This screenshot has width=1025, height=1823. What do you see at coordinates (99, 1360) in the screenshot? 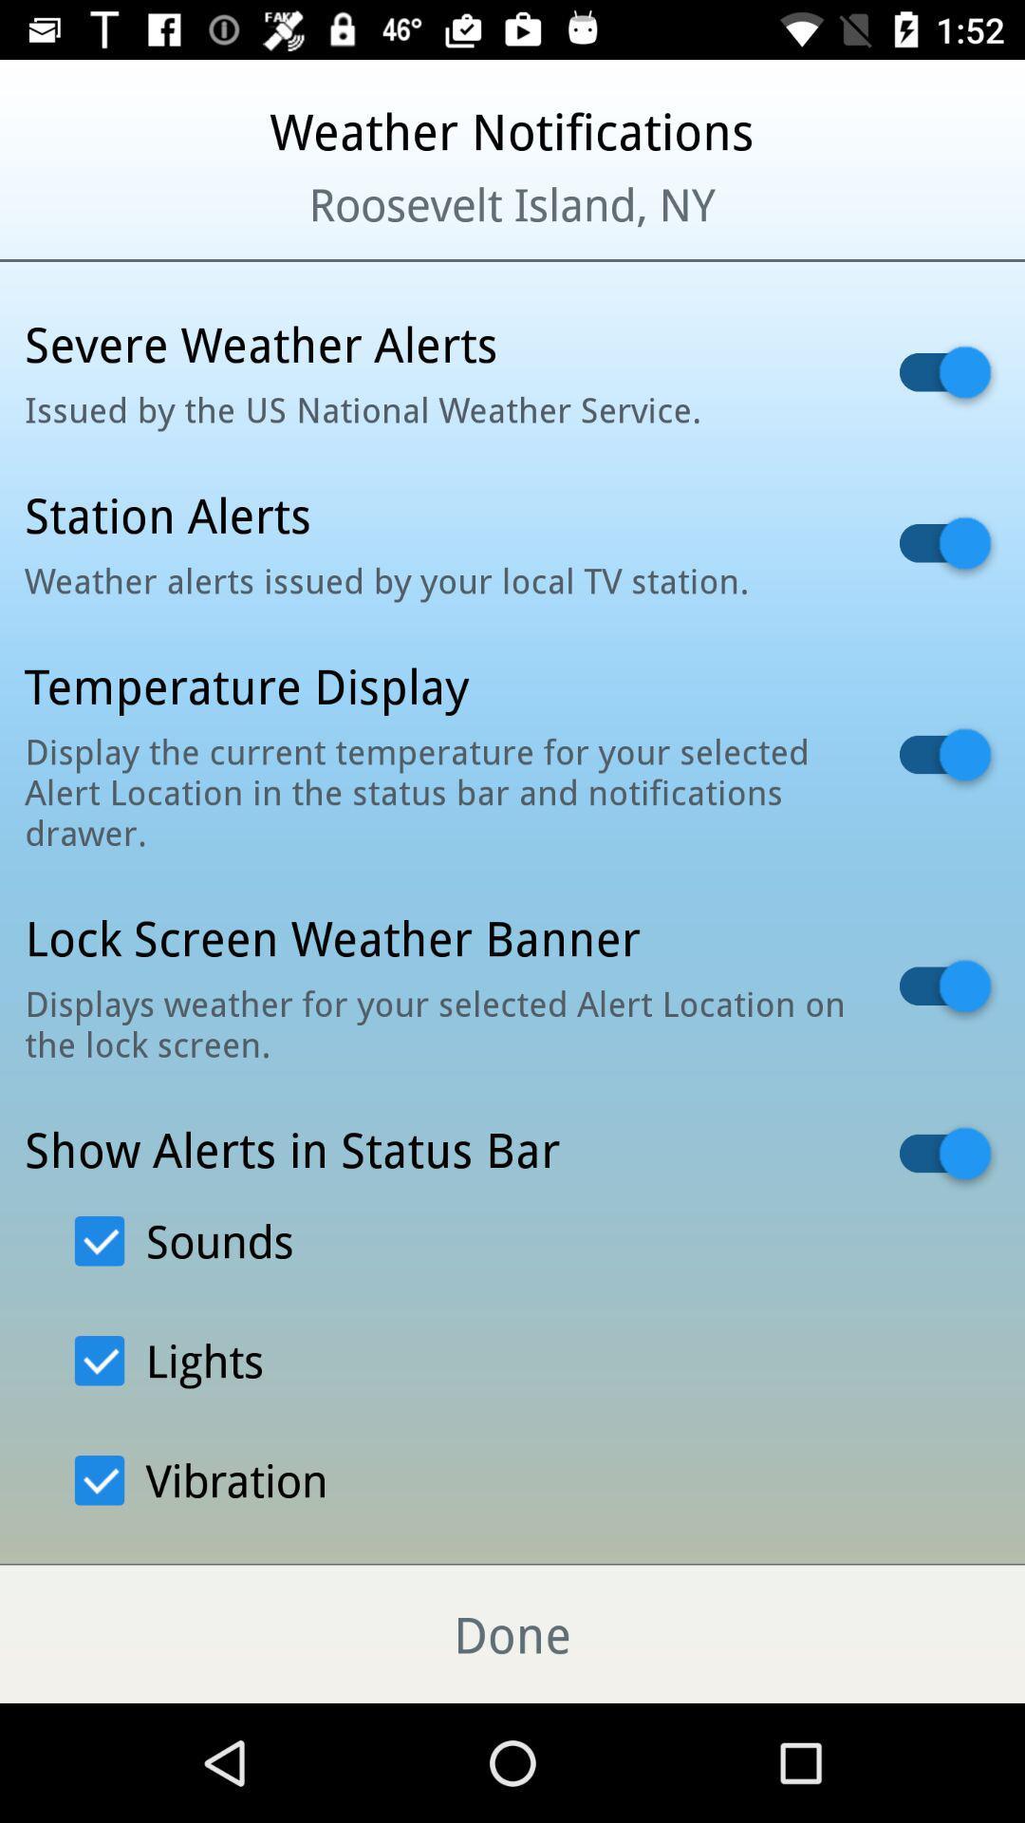
I see `the text box which says light` at bounding box center [99, 1360].